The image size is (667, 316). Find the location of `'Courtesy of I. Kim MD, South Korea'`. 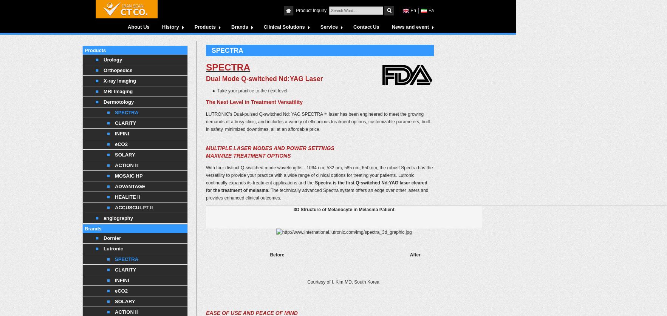

'Courtesy of I. Kim MD, South Korea' is located at coordinates (344, 281).